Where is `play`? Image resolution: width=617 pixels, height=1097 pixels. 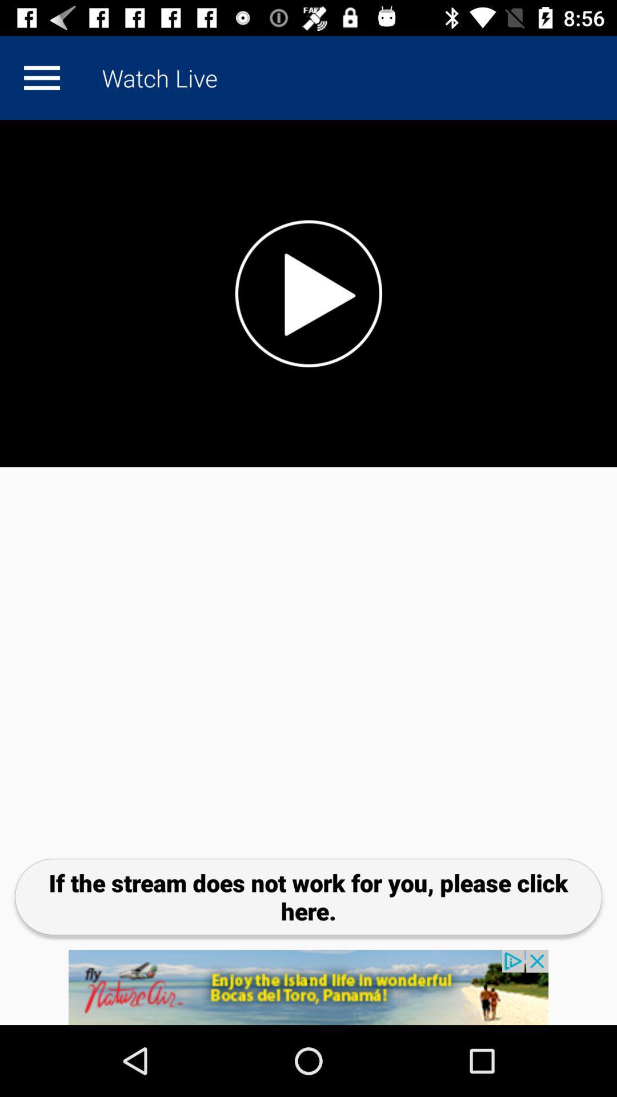
play is located at coordinates (41, 77).